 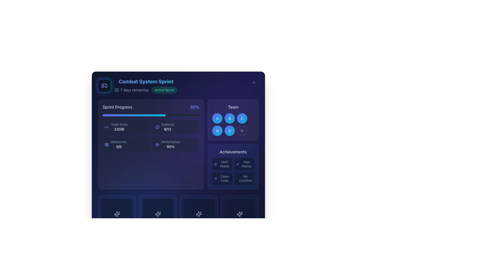 I want to click on the decorative icon representing success, located as the left-most element in the bottom row of the grid, below the Sprint Progress and Achievements sections, so click(x=117, y=214).